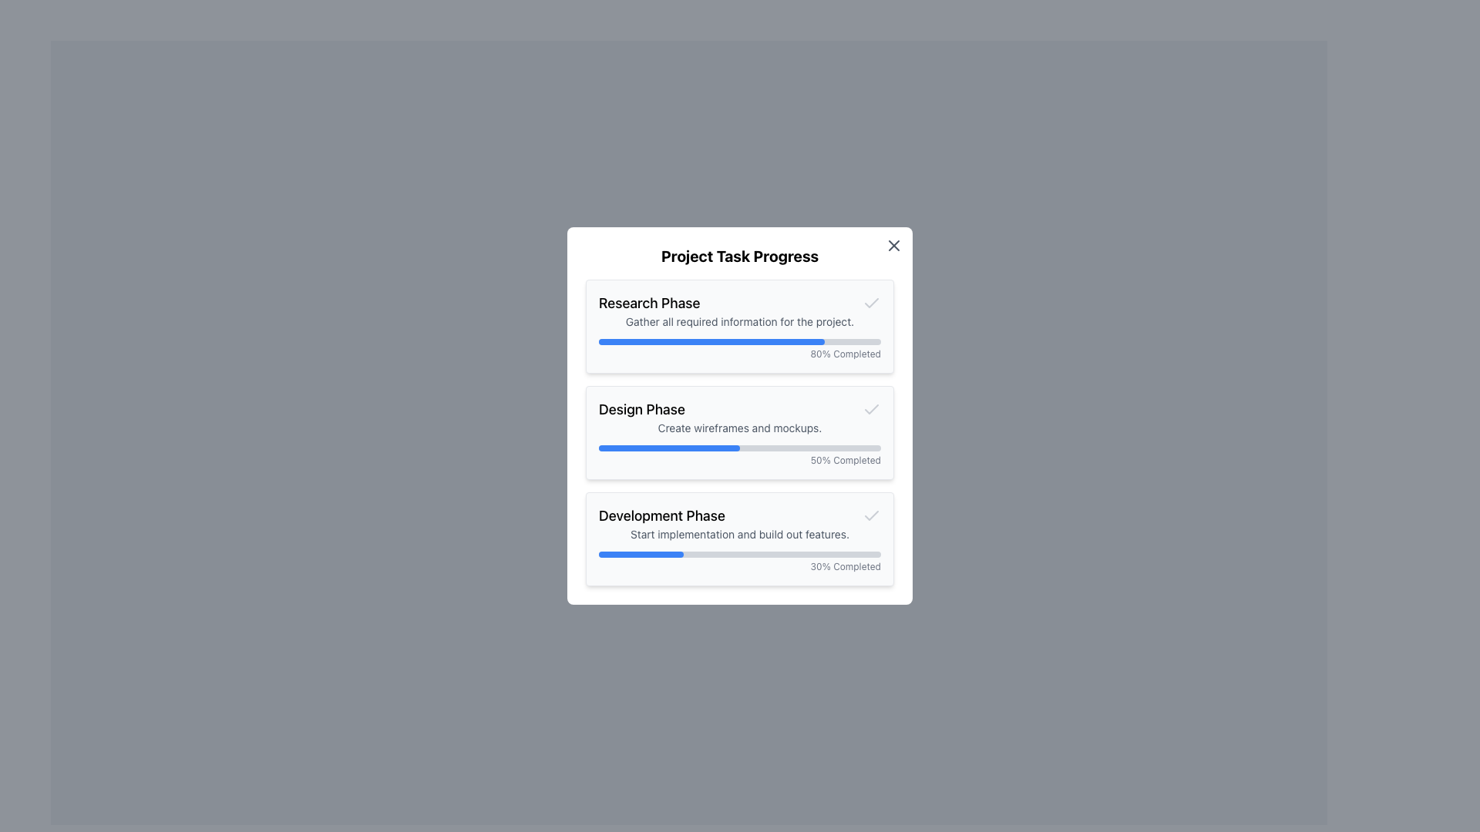  What do you see at coordinates (740, 326) in the screenshot?
I see `information displayed within the 'Research Phase' Card UI component, which includes the phase title, description, and completion percentage` at bounding box center [740, 326].